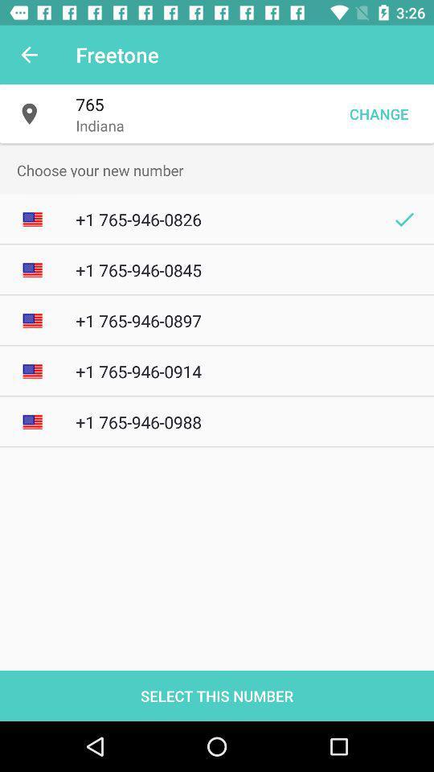 Image resolution: width=434 pixels, height=772 pixels. What do you see at coordinates (379, 113) in the screenshot?
I see `the icon to the right of the indiana item` at bounding box center [379, 113].